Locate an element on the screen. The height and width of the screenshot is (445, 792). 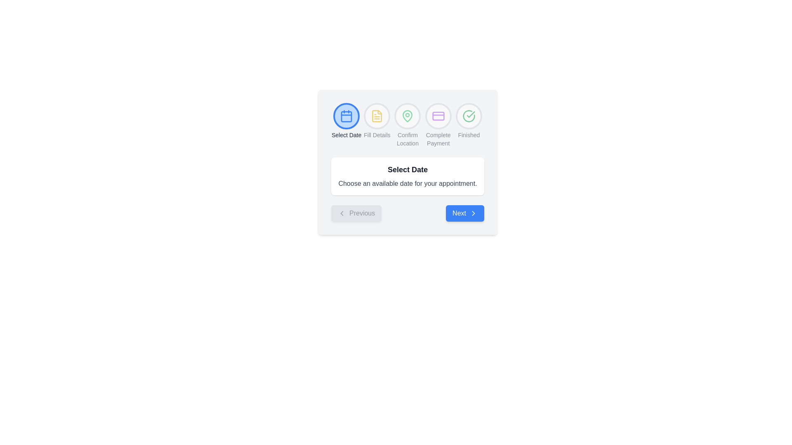
the Static Text Label displaying 'Select Date', which is prominently positioned at the top-center of the card layout is located at coordinates (408, 169).